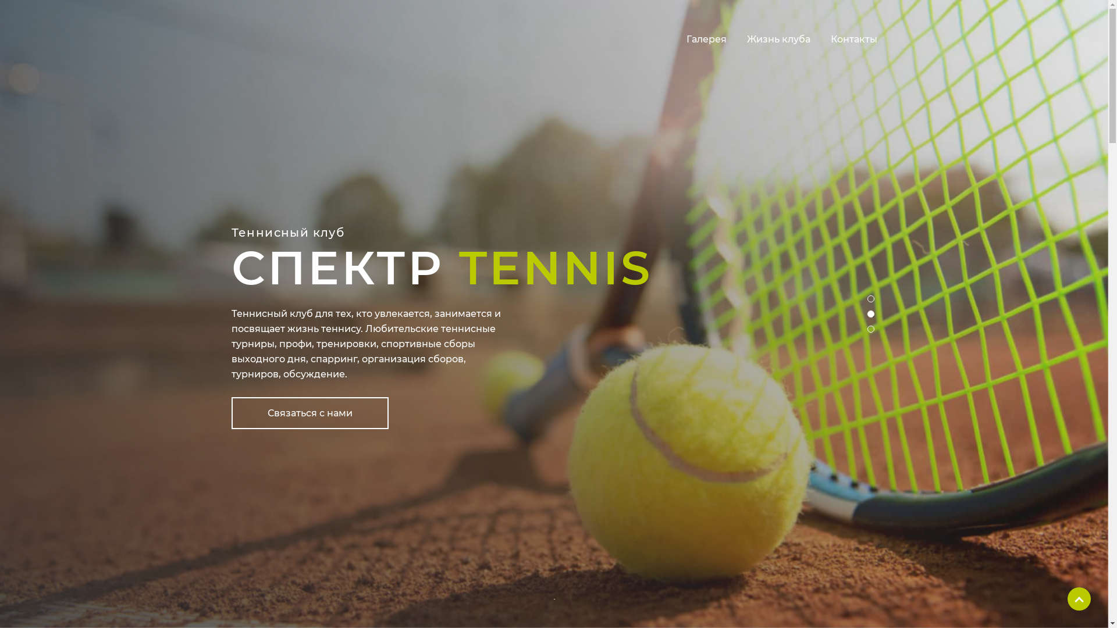 The height and width of the screenshot is (628, 1117). I want to click on '2', so click(874, 316).